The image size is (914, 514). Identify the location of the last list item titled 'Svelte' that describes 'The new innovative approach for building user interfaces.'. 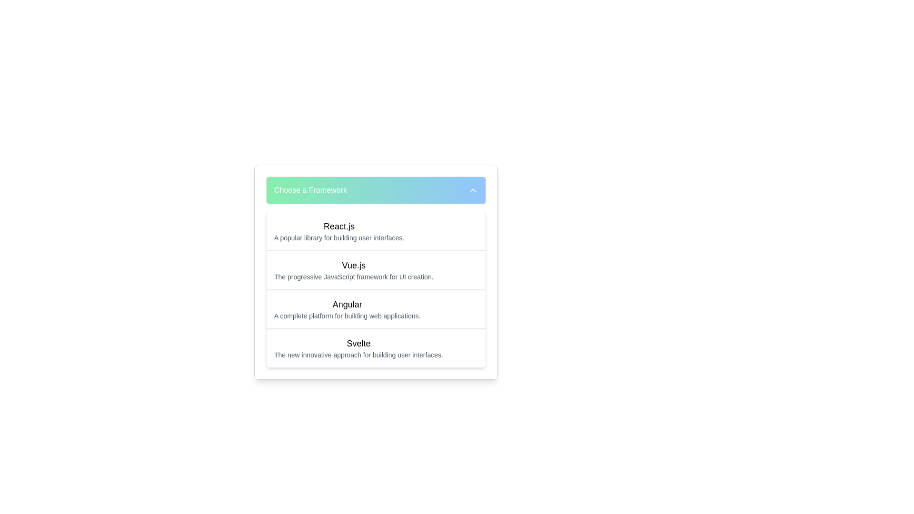
(376, 348).